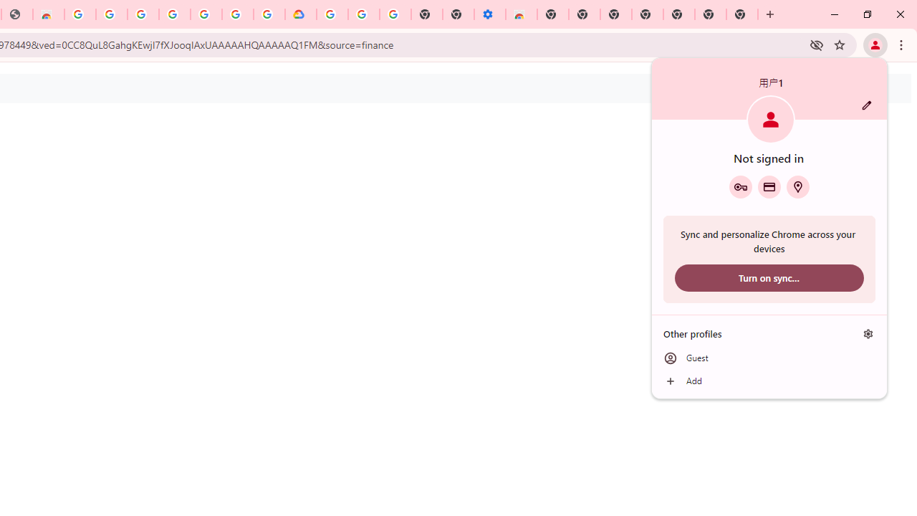 This screenshot has width=917, height=516. What do you see at coordinates (143, 14) in the screenshot?
I see `'Sign in - Google Accounts'` at bounding box center [143, 14].